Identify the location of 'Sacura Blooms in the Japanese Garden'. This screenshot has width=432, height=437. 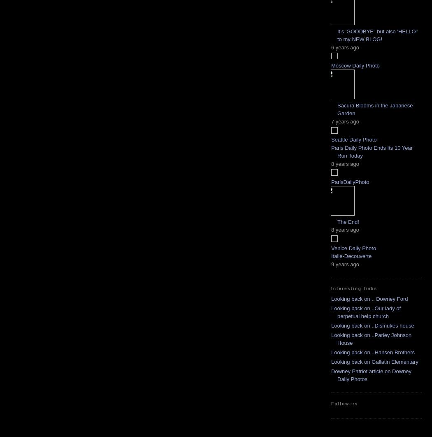
(337, 109).